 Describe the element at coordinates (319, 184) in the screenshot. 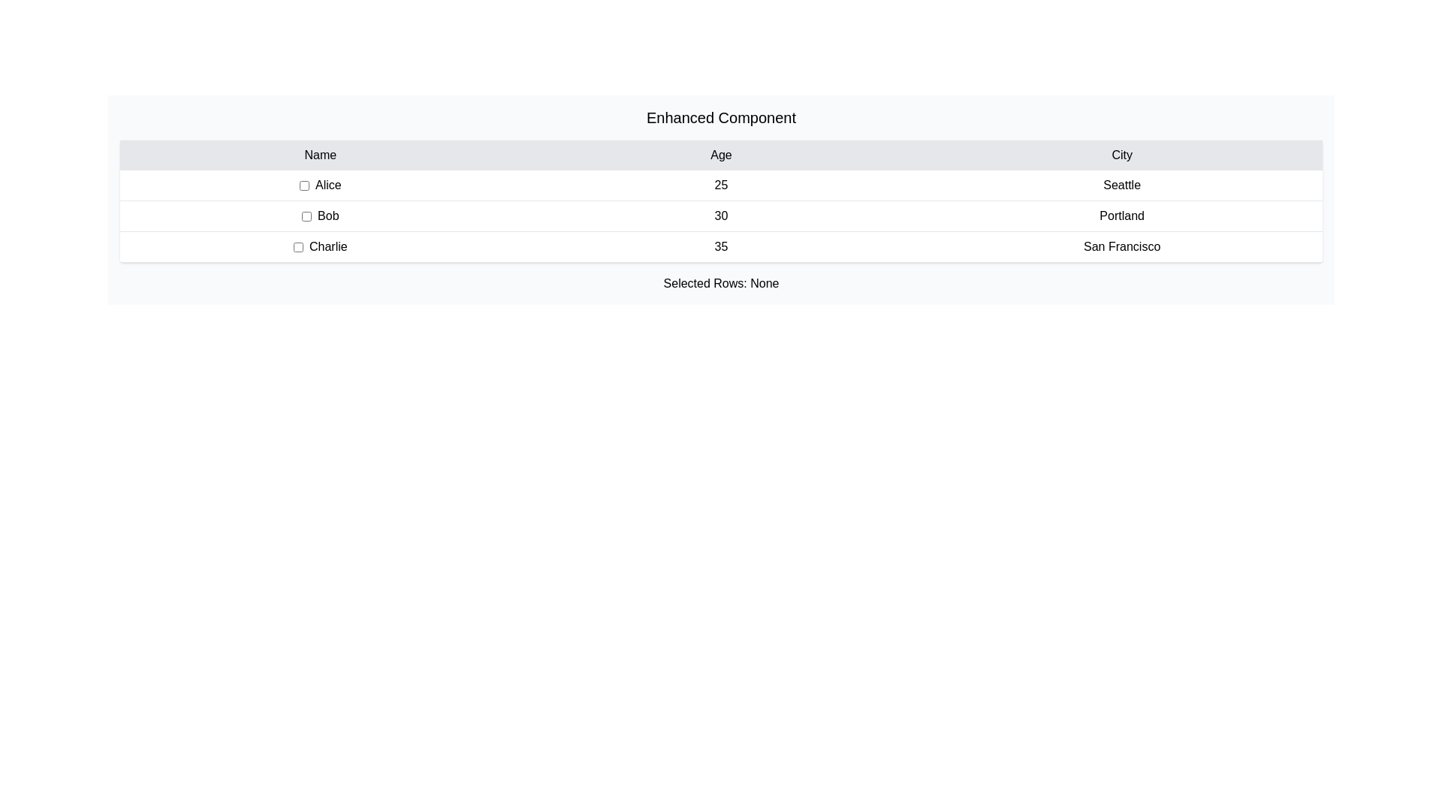

I see `the non-interactive text label displaying the name 'Alice' in the first column of the grid layout, which is positioned in the first row` at that location.